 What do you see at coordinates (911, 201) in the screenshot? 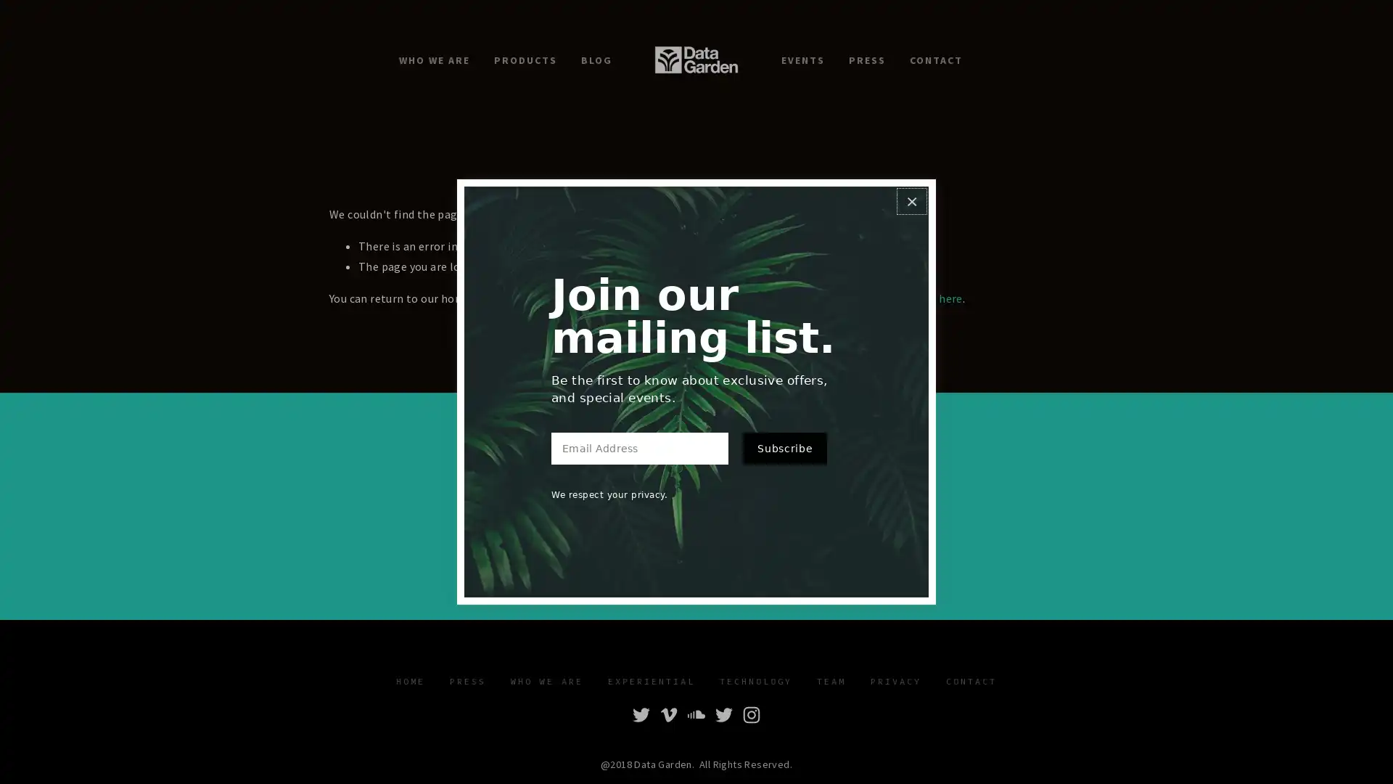
I see `Close` at bounding box center [911, 201].